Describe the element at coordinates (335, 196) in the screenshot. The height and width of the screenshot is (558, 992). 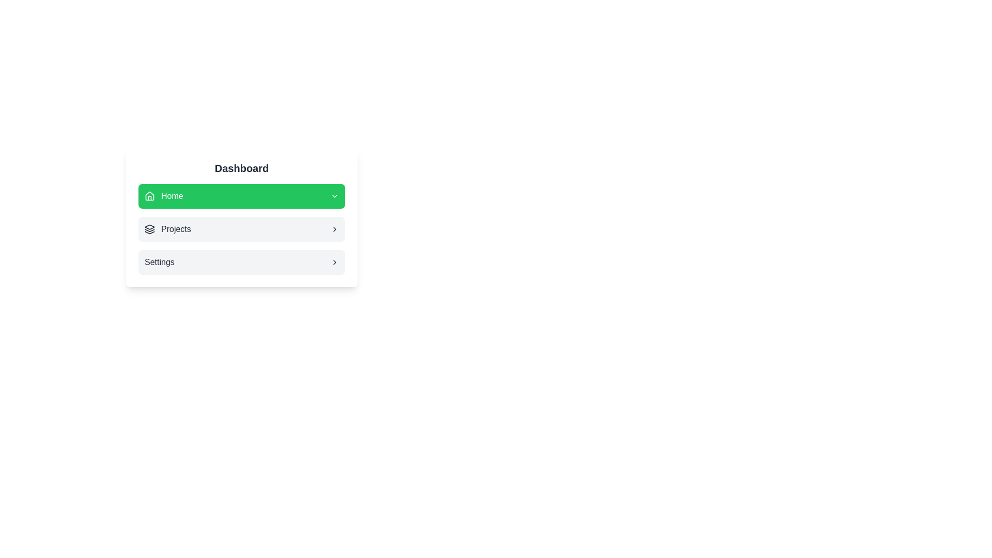
I see `the chevron-down indicator icon located at the far right end of the 'Home' button` at that location.